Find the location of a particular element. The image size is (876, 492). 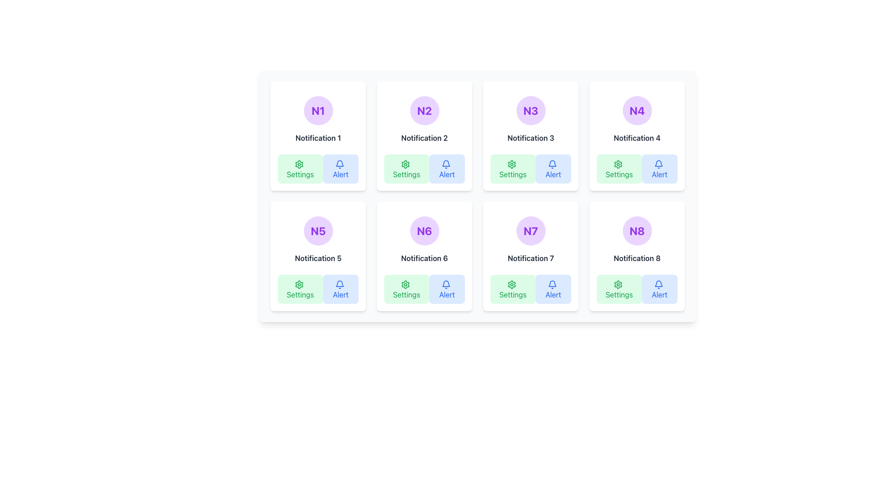

the leftmost button labeled 'Settings' in the 'Notification 4' card located in the first row of the grid layout is located at coordinates (619, 169).